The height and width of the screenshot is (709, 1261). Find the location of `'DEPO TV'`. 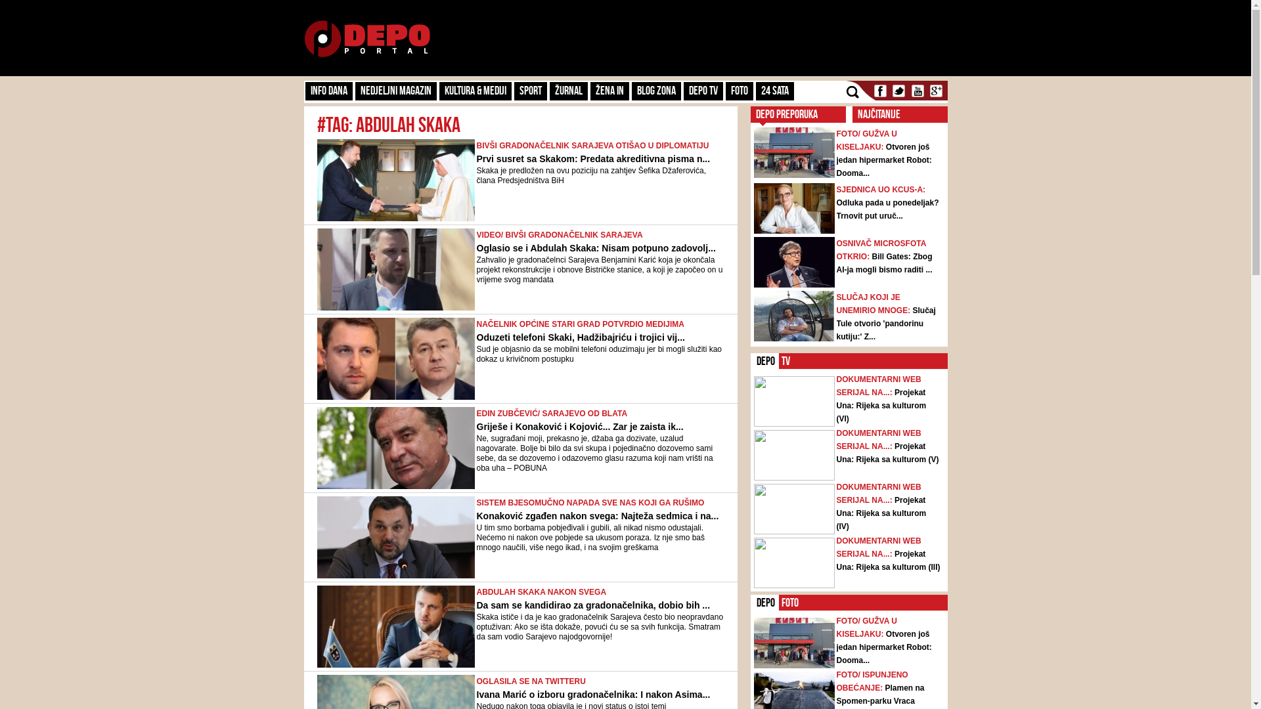

'DEPO TV' is located at coordinates (787, 361).